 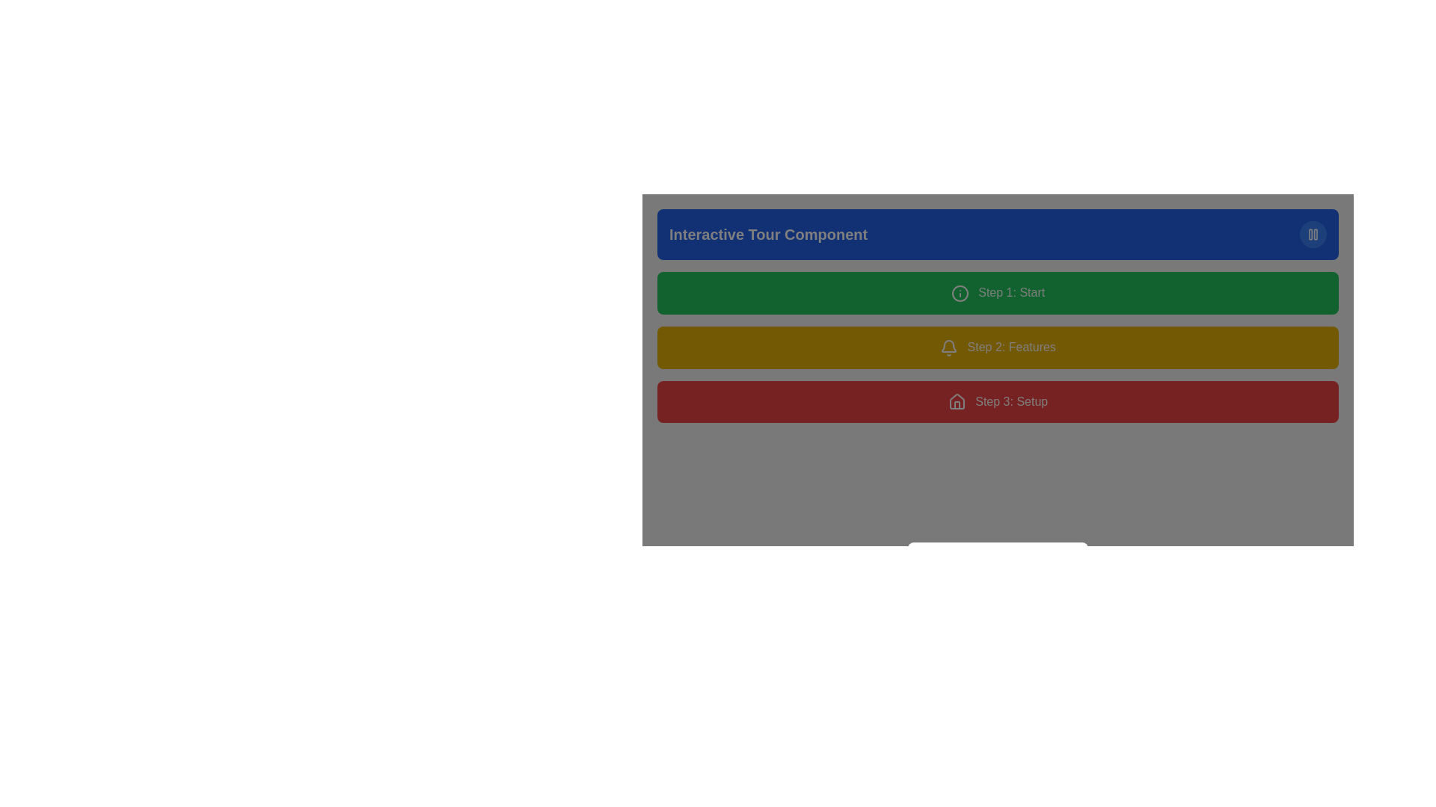 I want to click on the 'Step 3: Setup' button, which is the third step in the sequence under the 'Interactive Tour Component', to proceed to the next step or reveal associated information, so click(x=998, y=401).